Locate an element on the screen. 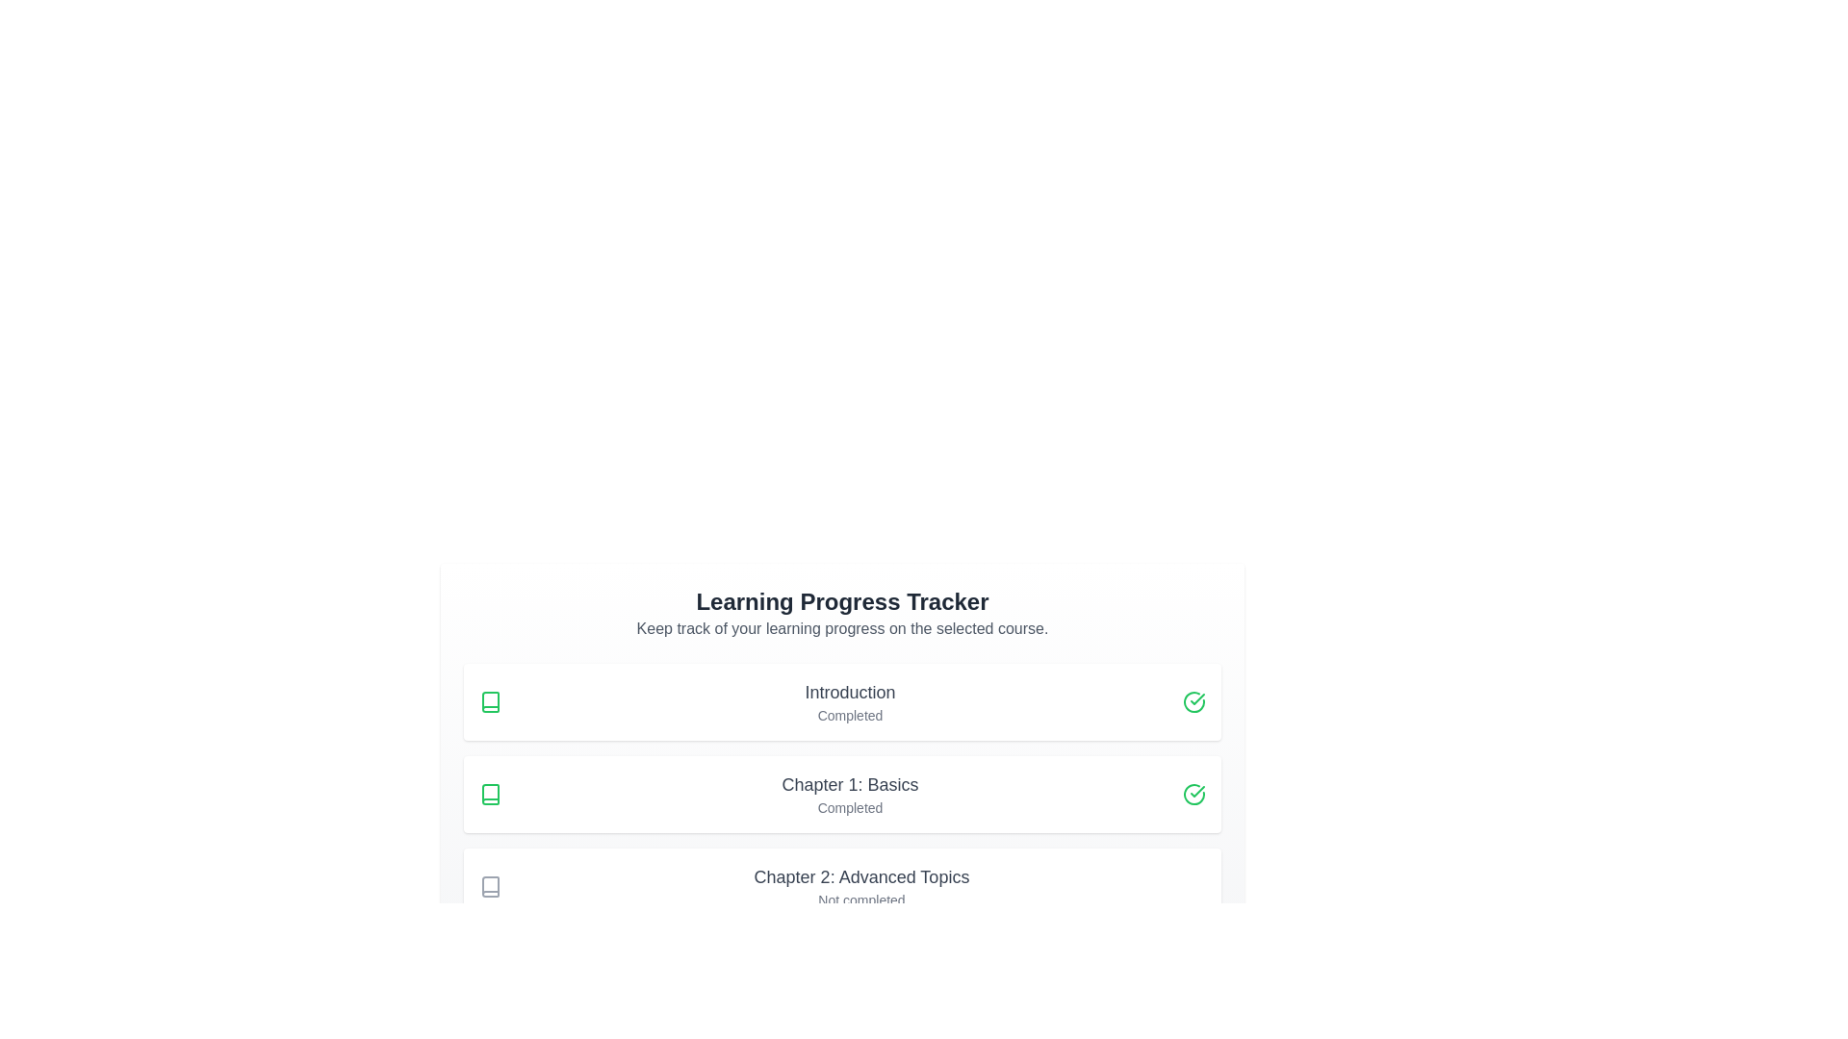  the 'Introduction' card is located at coordinates (842, 722).